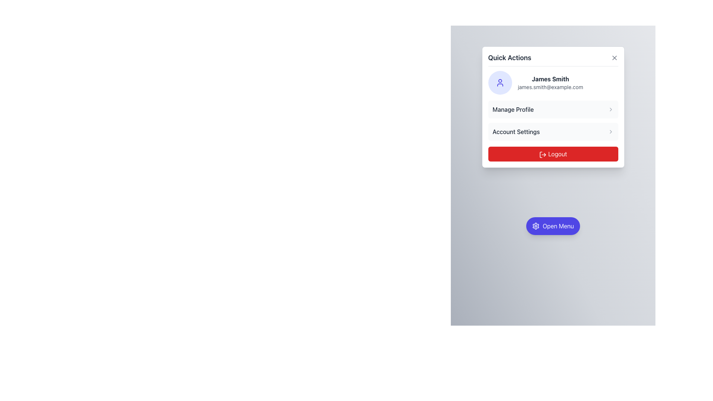  What do you see at coordinates (500, 83) in the screenshot?
I see `the indigo circular user icon in the 'Quick Actions' panel` at bounding box center [500, 83].